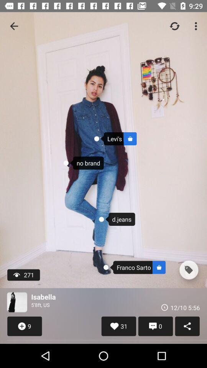 Image resolution: width=207 pixels, height=368 pixels. I want to click on the item to the left of isabella item, so click(17, 302).